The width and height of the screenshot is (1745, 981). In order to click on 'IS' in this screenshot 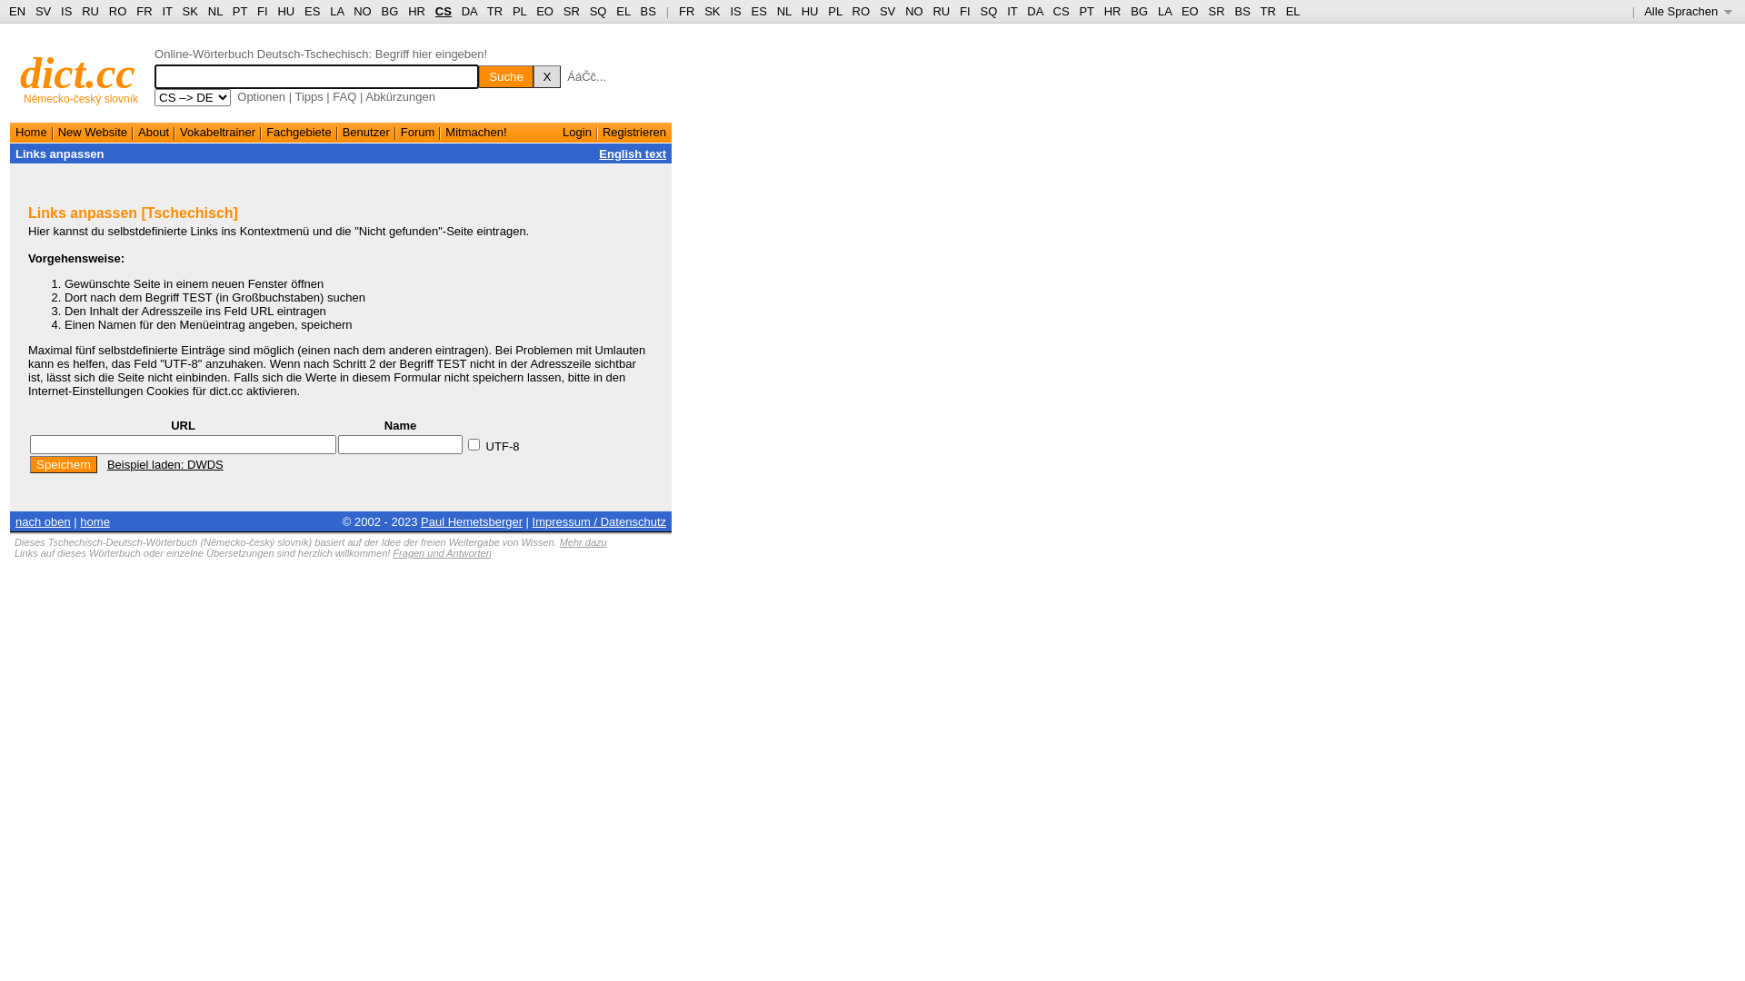, I will do `click(65, 11)`.